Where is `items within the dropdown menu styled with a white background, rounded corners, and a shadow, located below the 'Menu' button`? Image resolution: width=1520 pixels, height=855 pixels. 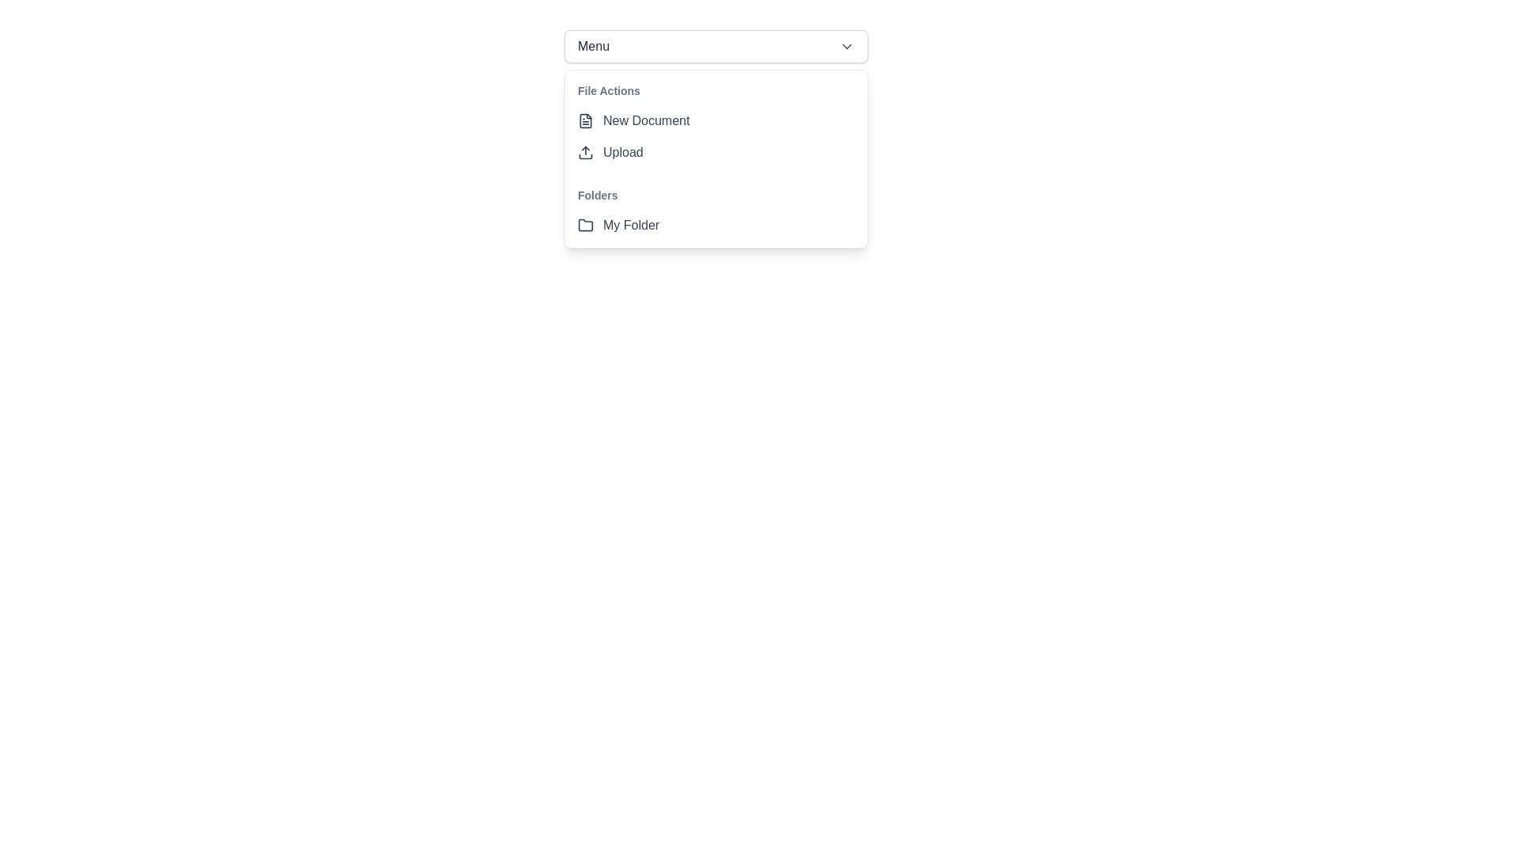 items within the dropdown menu styled with a white background, rounded corners, and a shadow, located below the 'Menu' button is located at coordinates (716, 158).